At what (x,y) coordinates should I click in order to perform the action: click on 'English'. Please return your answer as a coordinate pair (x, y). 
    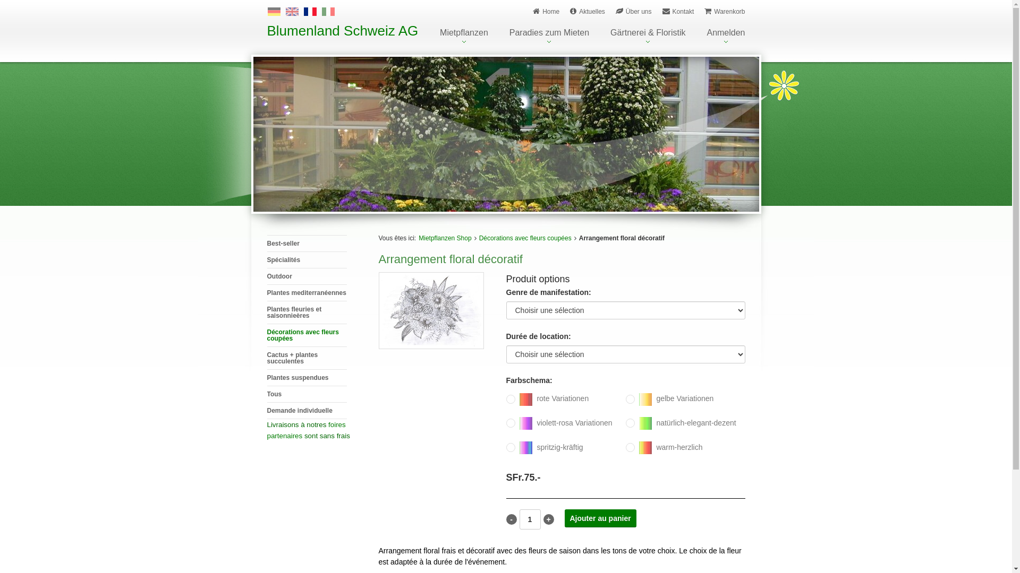
    Looking at the image, I should click on (292, 12).